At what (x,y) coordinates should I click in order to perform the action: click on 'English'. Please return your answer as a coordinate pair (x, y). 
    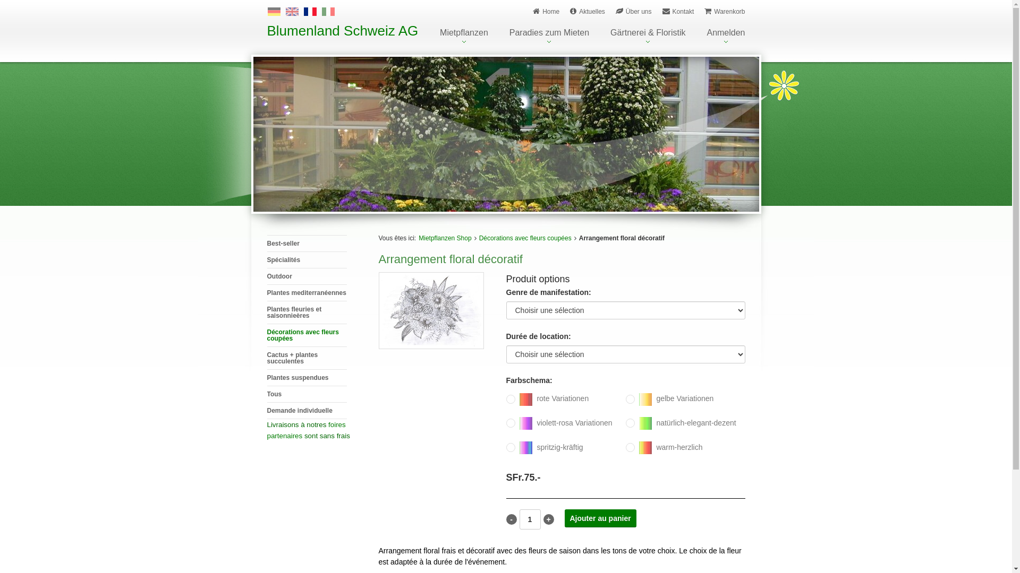
    Looking at the image, I should click on (292, 12).